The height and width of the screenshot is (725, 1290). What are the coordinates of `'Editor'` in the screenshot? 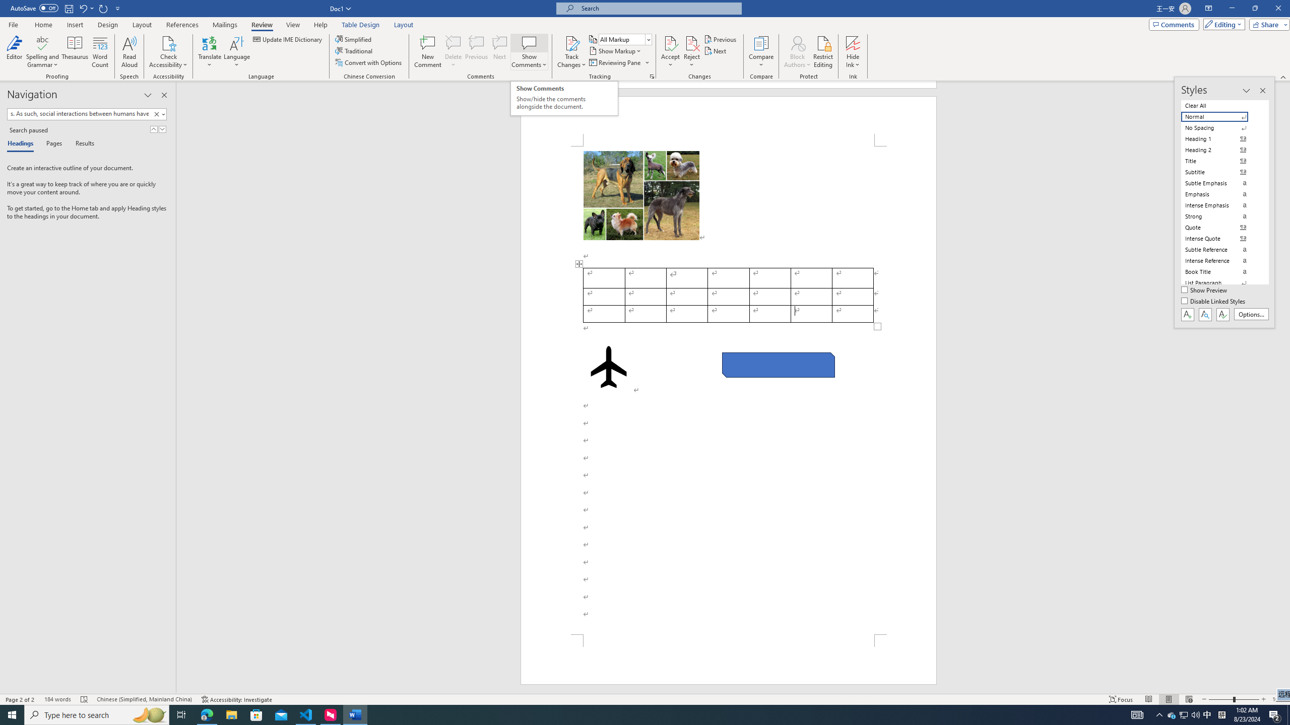 It's located at (14, 52).